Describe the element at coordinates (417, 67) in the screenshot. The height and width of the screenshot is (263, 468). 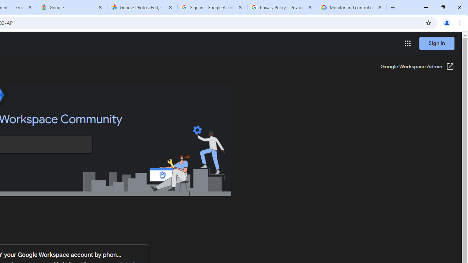
I see `'Google Workspace Admin (Open in a new window)'` at that location.